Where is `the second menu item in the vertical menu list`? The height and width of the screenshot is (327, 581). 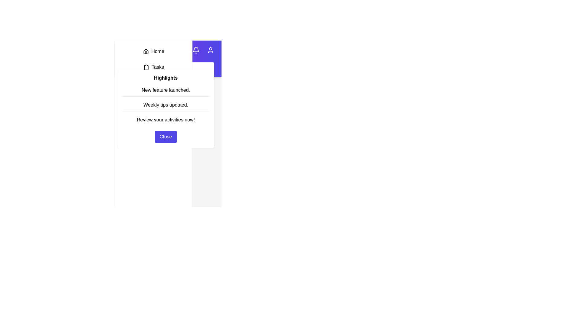 the second menu item in the vertical menu list is located at coordinates (154, 67).